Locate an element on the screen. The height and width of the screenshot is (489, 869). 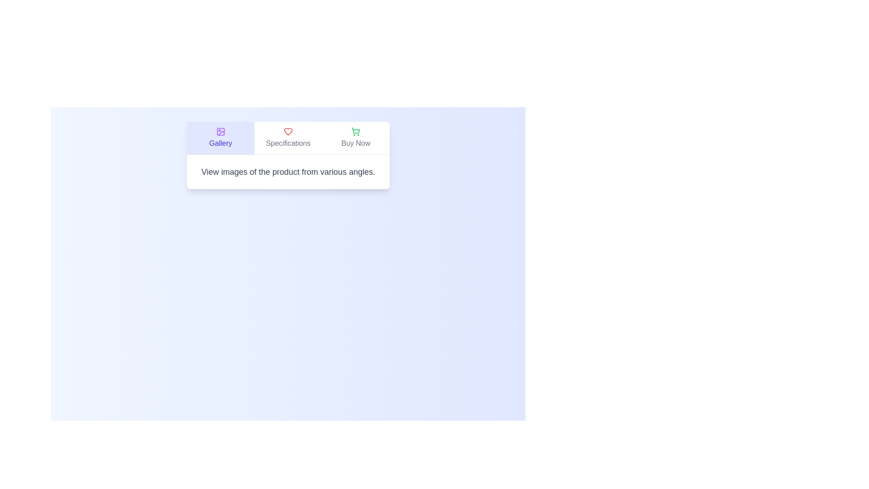
the icon of the Gallery tab is located at coordinates (220, 131).